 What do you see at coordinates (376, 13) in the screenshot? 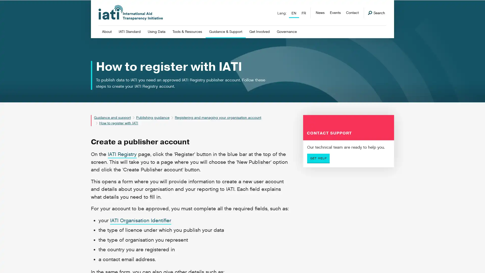
I see `Search` at bounding box center [376, 13].